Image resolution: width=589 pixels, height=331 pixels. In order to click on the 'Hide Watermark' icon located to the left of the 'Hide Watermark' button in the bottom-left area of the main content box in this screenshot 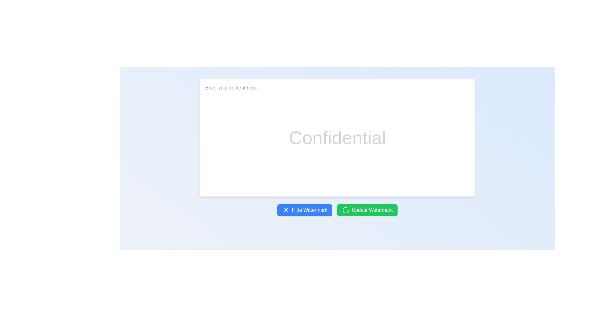, I will do `click(285, 210)`.